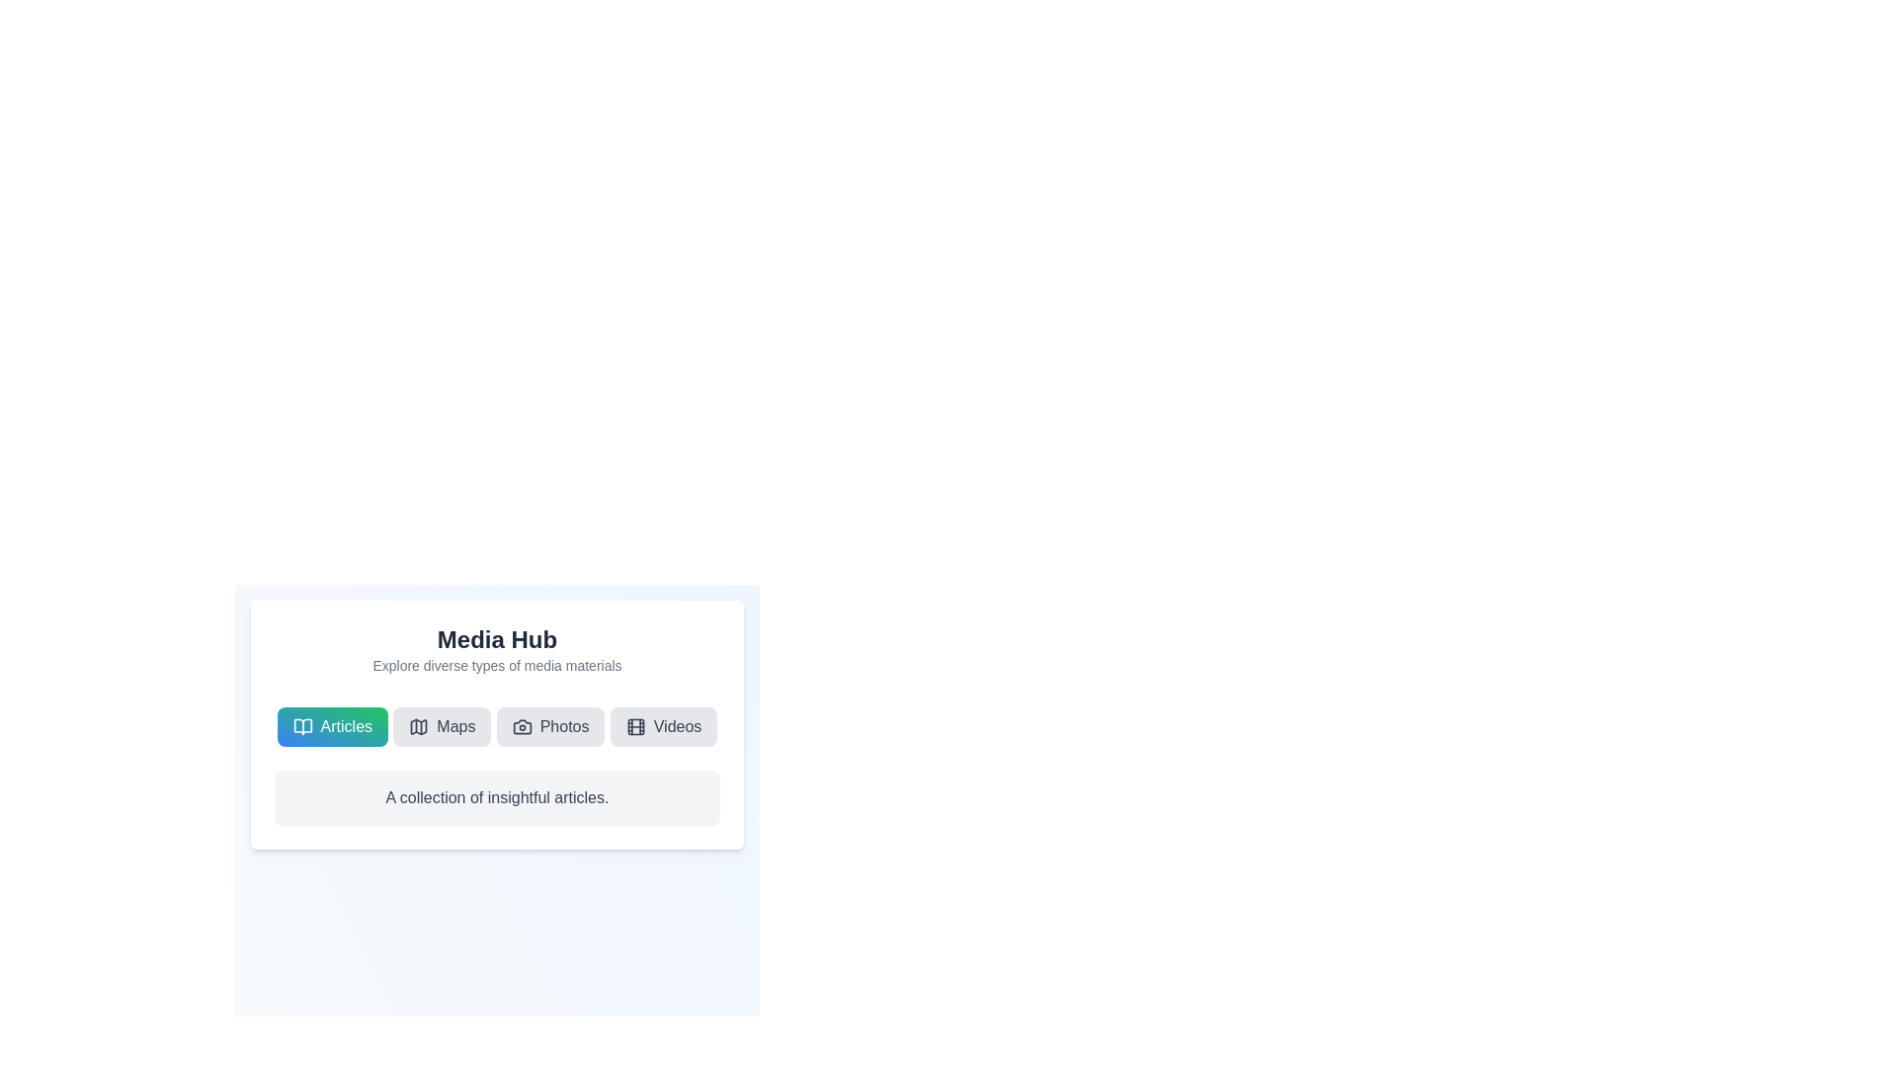 The image size is (1897, 1067). What do you see at coordinates (441, 727) in the screenshot?
I see `the 'Maps' navigation button located below the 'Media Hub' title, positioned between the 'Articles' and 'Photos' buttons` at bounding box center [441, 727].